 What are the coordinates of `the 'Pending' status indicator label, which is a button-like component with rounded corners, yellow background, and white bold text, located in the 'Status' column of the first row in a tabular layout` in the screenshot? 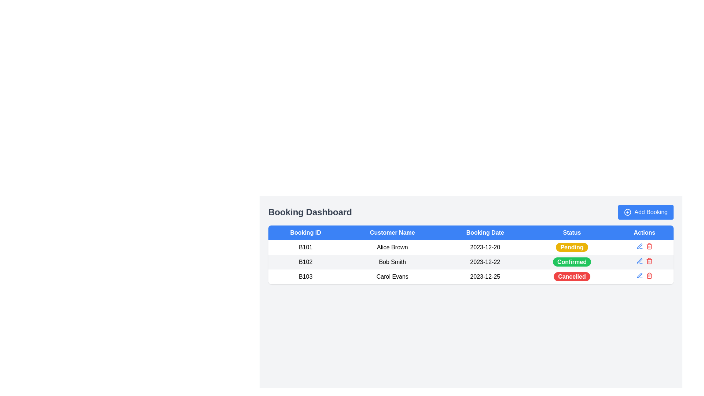 It's located at (572, 247).